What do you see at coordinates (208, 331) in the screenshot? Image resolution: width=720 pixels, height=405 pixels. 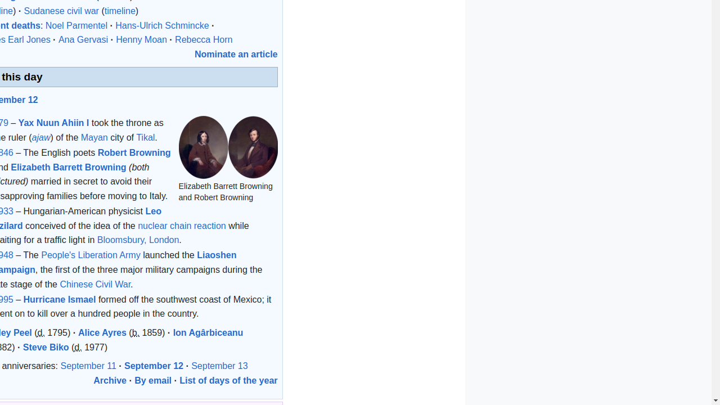 I see `'Ion Agârbiceanu'` at bounding box center [208, 331].